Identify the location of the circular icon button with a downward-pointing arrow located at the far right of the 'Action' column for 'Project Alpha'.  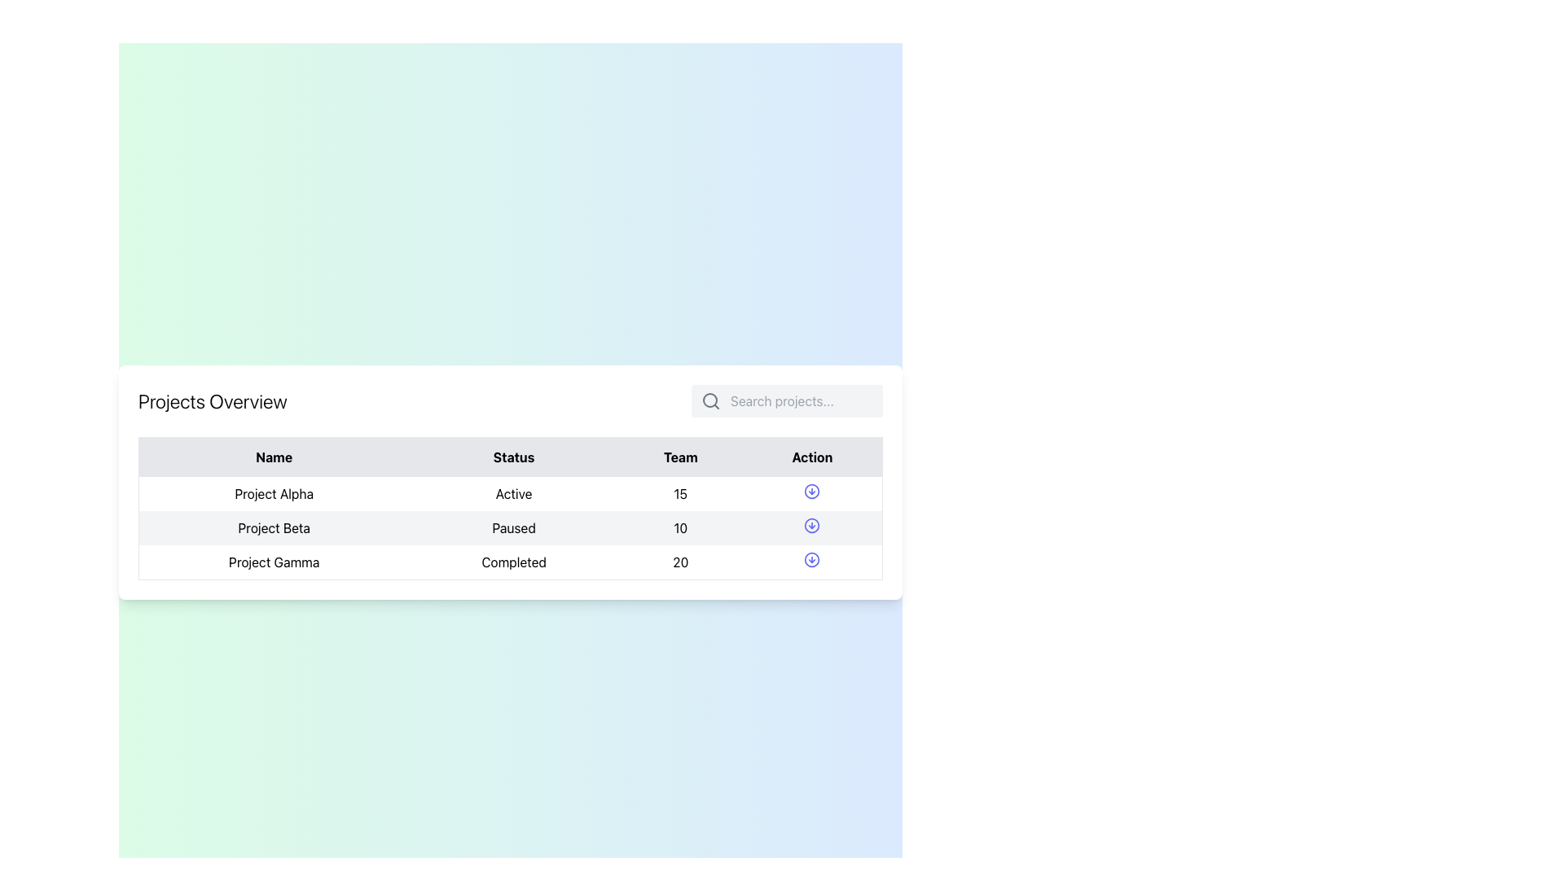
(812, 492).